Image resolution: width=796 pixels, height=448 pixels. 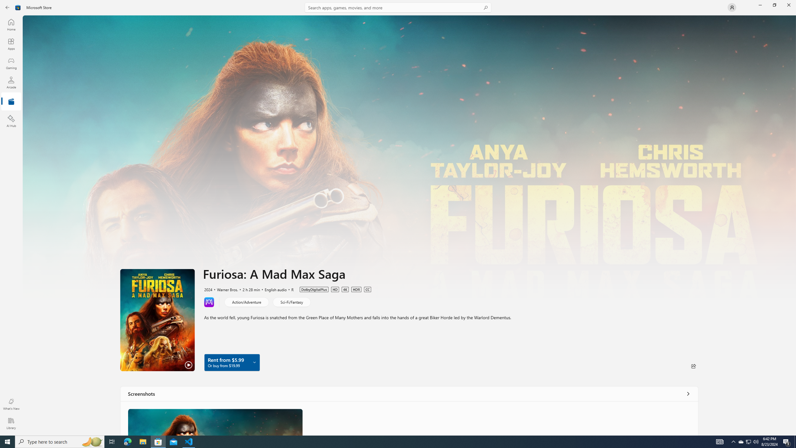 What do you see at coordinates (209, 301) in the screenshot?
I see `'Learn more about Movies Anywhere'` at bounding box center [209, 301].